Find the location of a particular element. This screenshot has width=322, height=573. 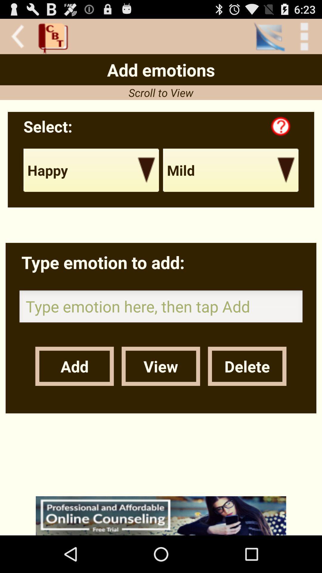

input box is located at coordinates (161, 308).